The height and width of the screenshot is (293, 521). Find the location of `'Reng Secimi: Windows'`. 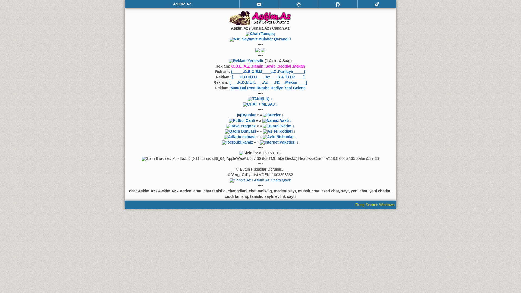

'Reng Secimi: Windows' is located at coordinates (376, 205).